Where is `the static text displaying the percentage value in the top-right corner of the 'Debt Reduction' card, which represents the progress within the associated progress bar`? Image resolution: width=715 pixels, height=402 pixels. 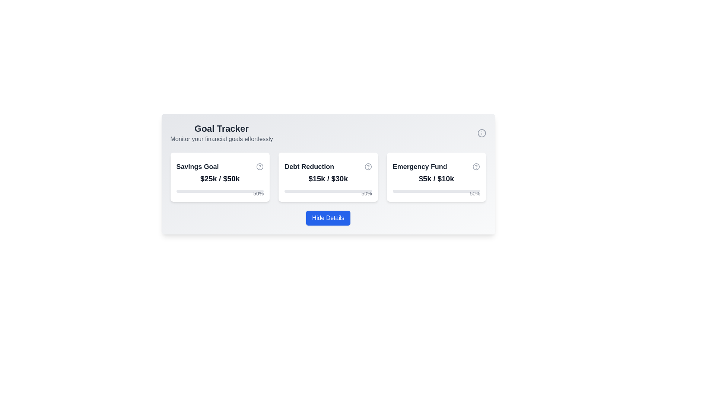
the static text displaying the percentage value in the top-right corner of the 'Debt Reduction' card, which represents the progress within the associated progress bar is located at coordinates (366, 193).